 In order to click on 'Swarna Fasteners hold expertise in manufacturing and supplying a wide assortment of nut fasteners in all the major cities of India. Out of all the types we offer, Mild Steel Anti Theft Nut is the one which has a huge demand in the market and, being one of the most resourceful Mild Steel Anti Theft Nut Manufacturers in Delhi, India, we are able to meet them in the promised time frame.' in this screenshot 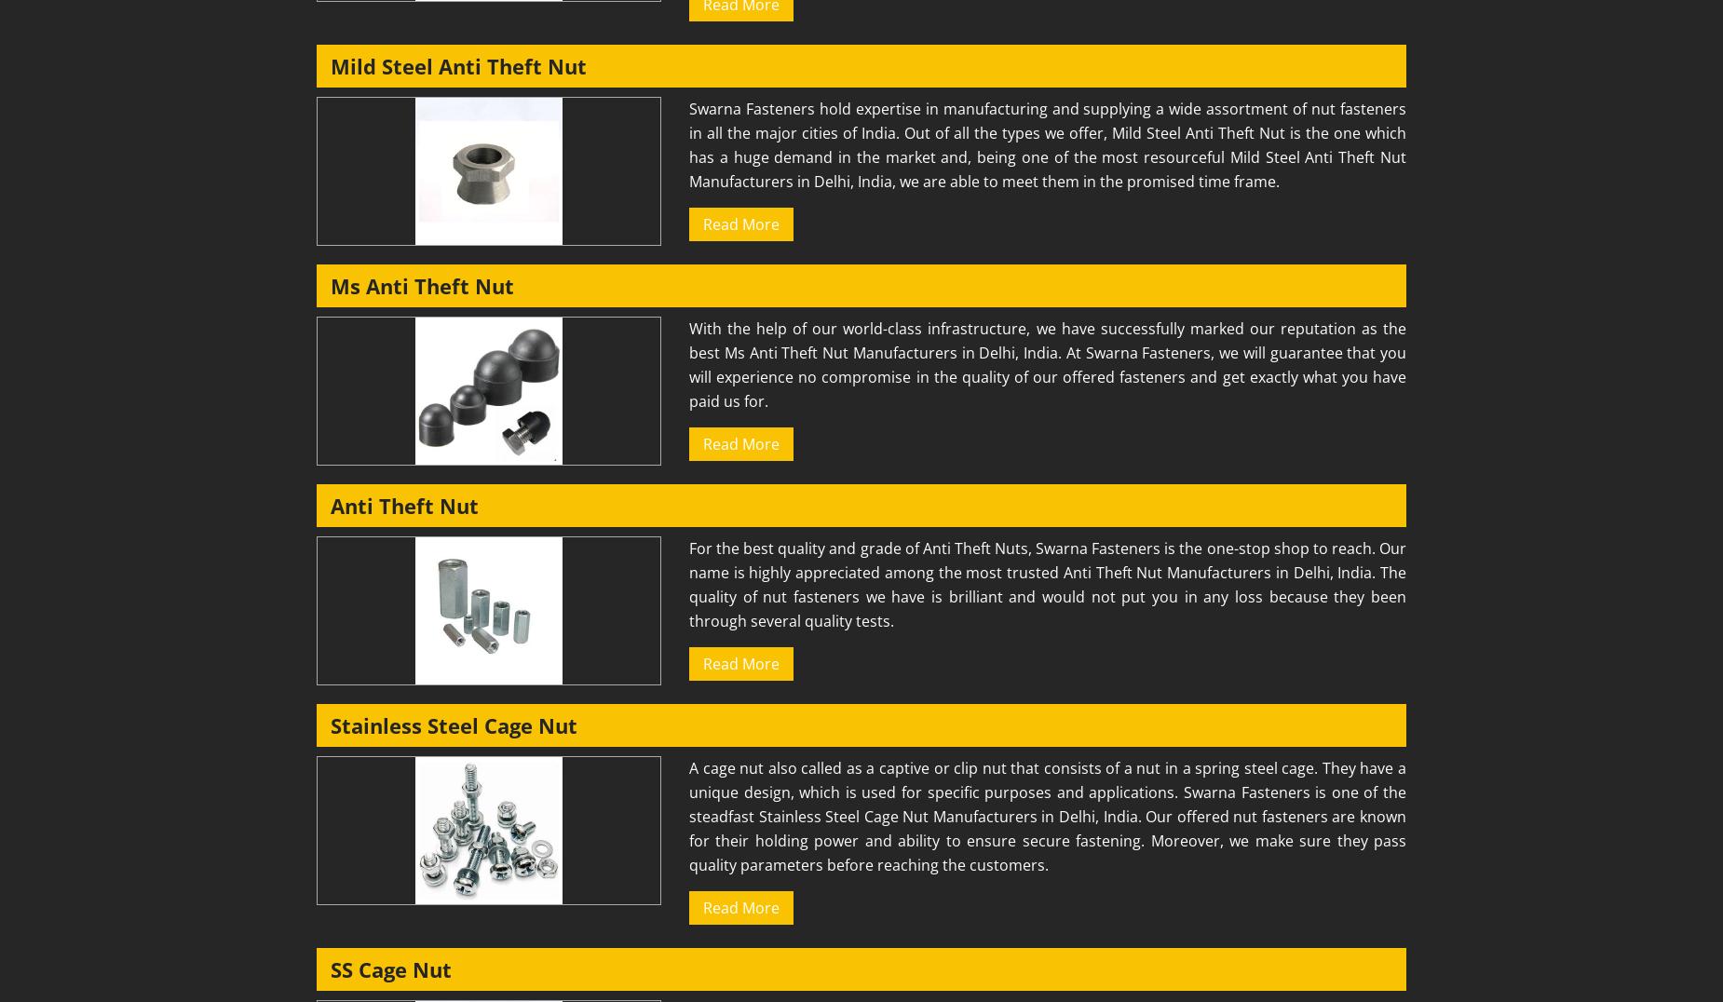, I will do `click(1046, 145)`.